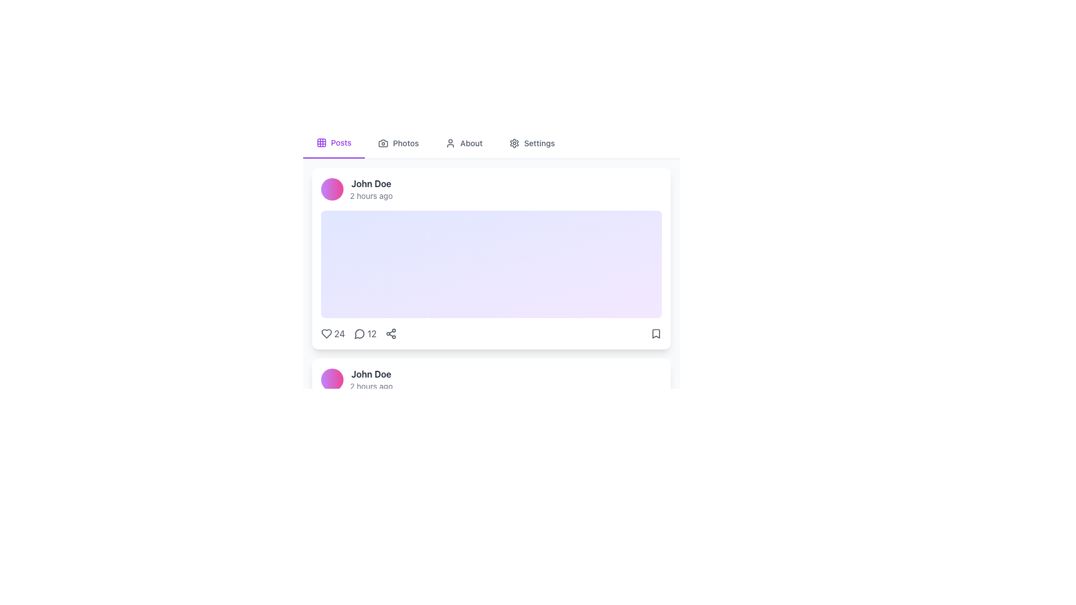 This screenshot has height=605, width=1076. What do you see at coordinates (326, 333) in the screenshot?
I see `the heart-shaped icon located at the bottom-left corner of the post layout to like the post` at bounding box center [326, 333].